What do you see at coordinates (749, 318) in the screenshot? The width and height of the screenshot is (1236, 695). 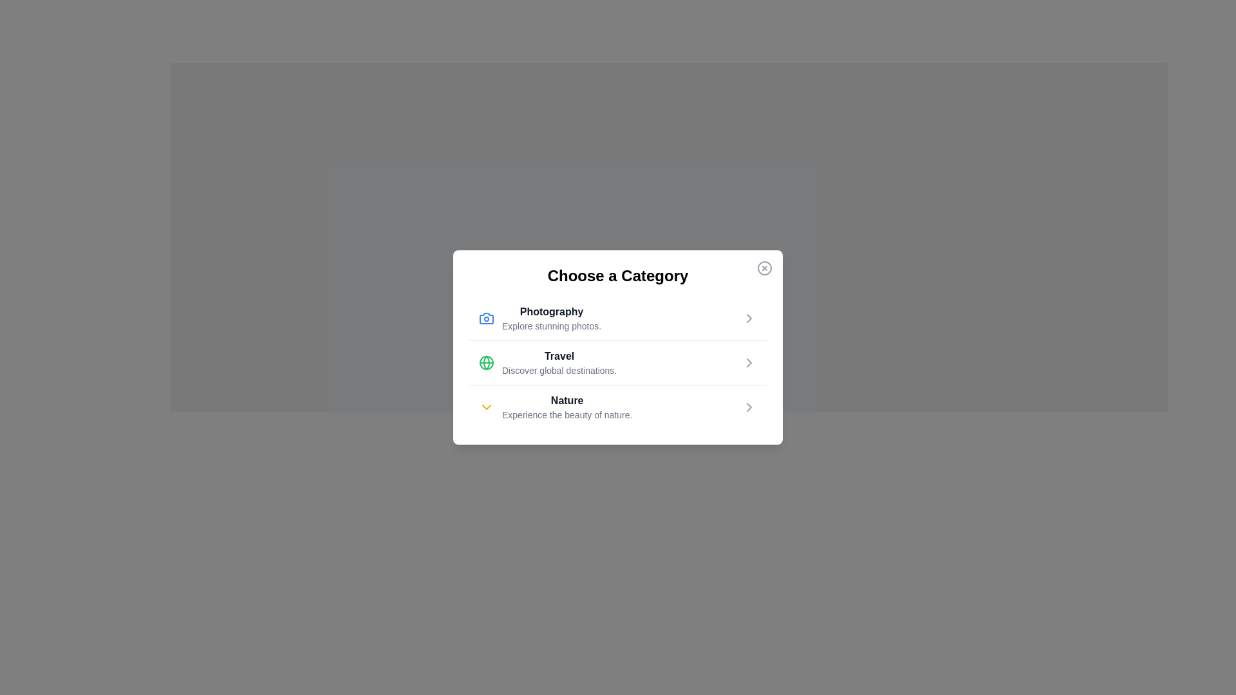 I see `the navigability icon for the 'Photography' category located in the first item of the category list, aligned to the right of the item's label` at bounding box center [749, 318].